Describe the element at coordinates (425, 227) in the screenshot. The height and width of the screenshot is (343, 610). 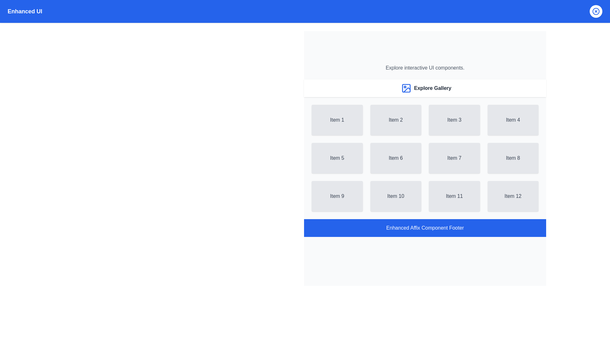
I see `the static footer message text display element located at the bottom edge of the interface, which provides branding or informational context to the user` at that location.